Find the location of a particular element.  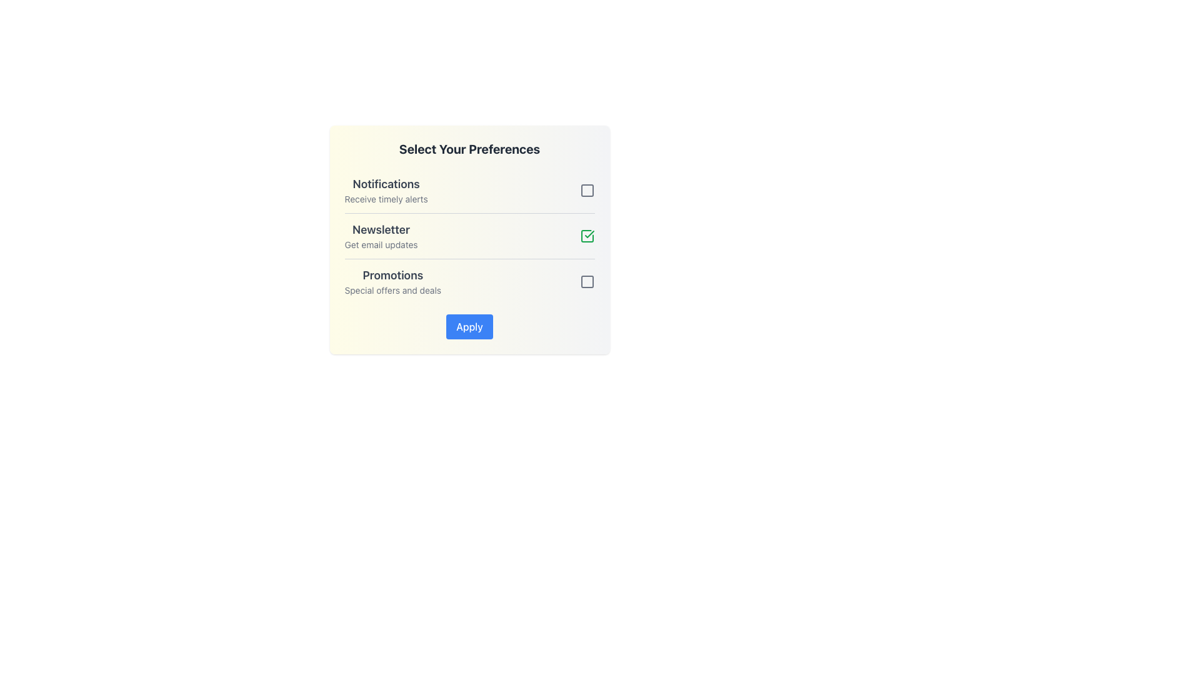

the checkbox located to the far right of the 'Notifications' entry is located at coordinates (586, 190).